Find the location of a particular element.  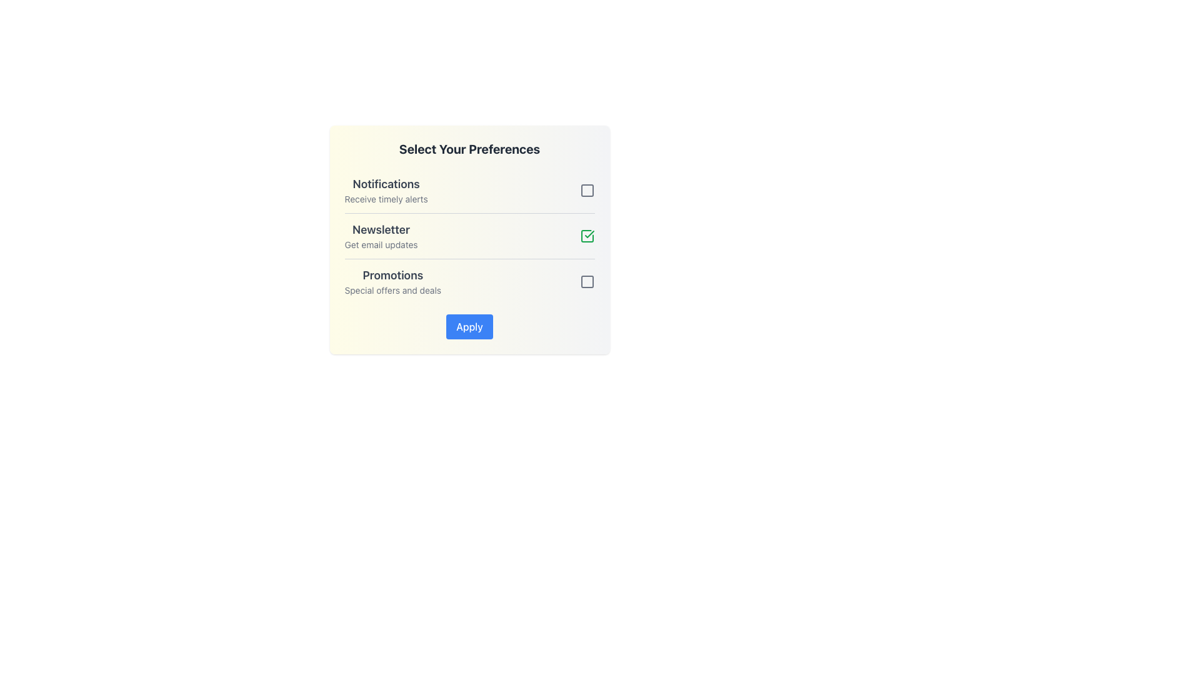

the checkbox located to the far right of the 'Notifications' entry is located at coordinates (586, 190).